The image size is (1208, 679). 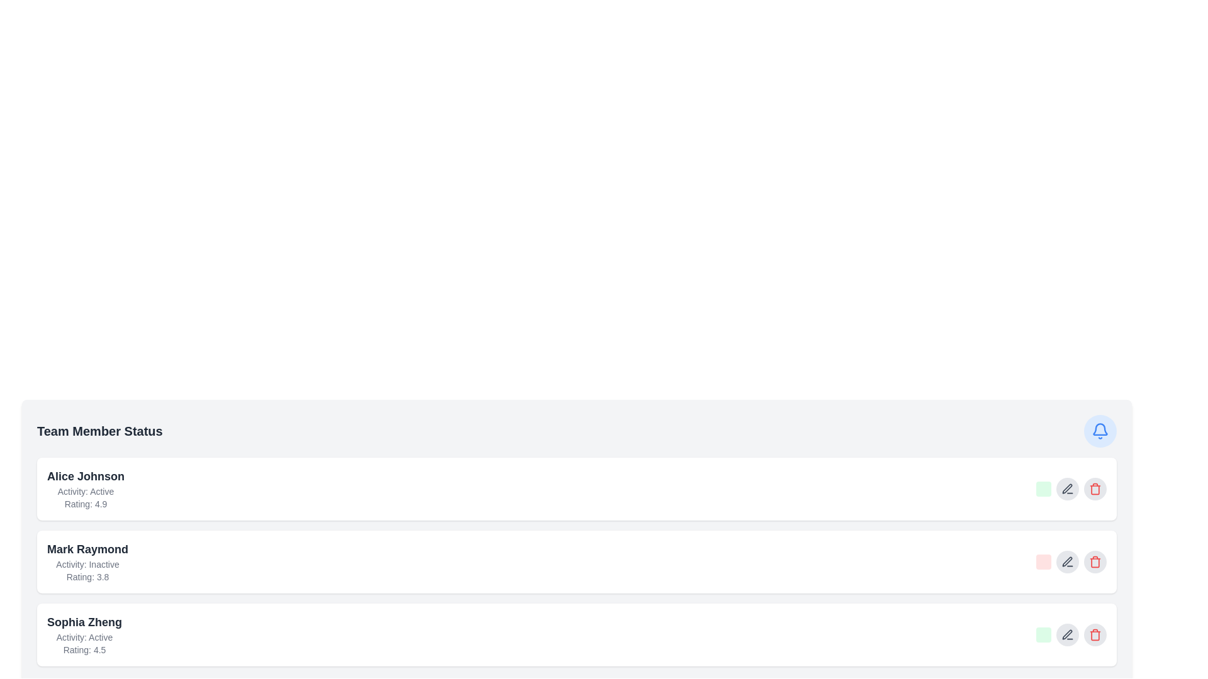 What do you see at coordinates (1099, 429) in the screenshot?
I see `the prominent blue bell-shaped icon with a hollow center` at bounding box center [1099, 429].